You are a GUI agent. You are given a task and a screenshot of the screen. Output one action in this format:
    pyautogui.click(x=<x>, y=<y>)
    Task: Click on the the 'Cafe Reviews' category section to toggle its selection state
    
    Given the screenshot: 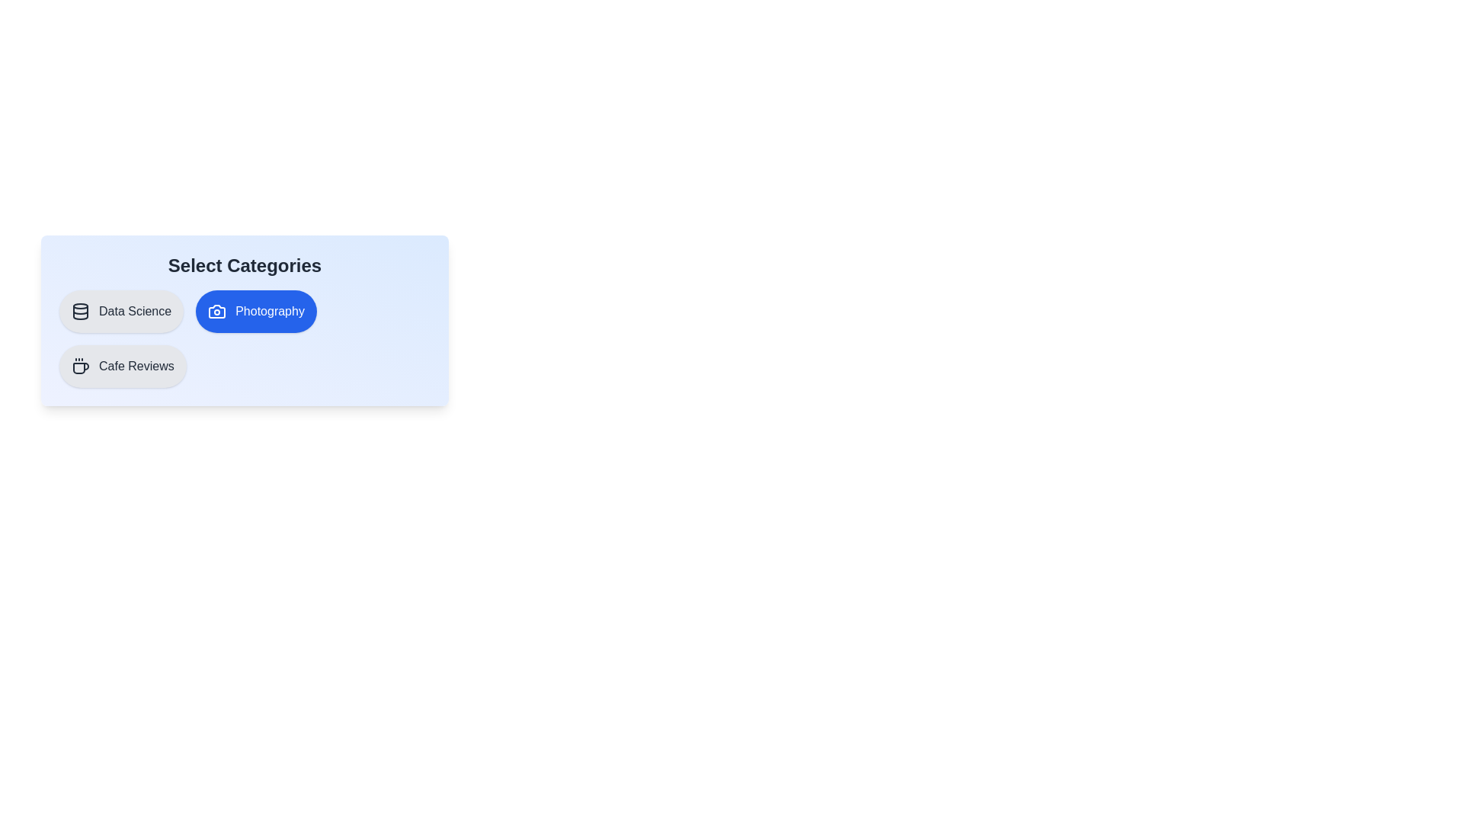 What is the action you would take?
    pyautogui.click(x=123, y=367)
    